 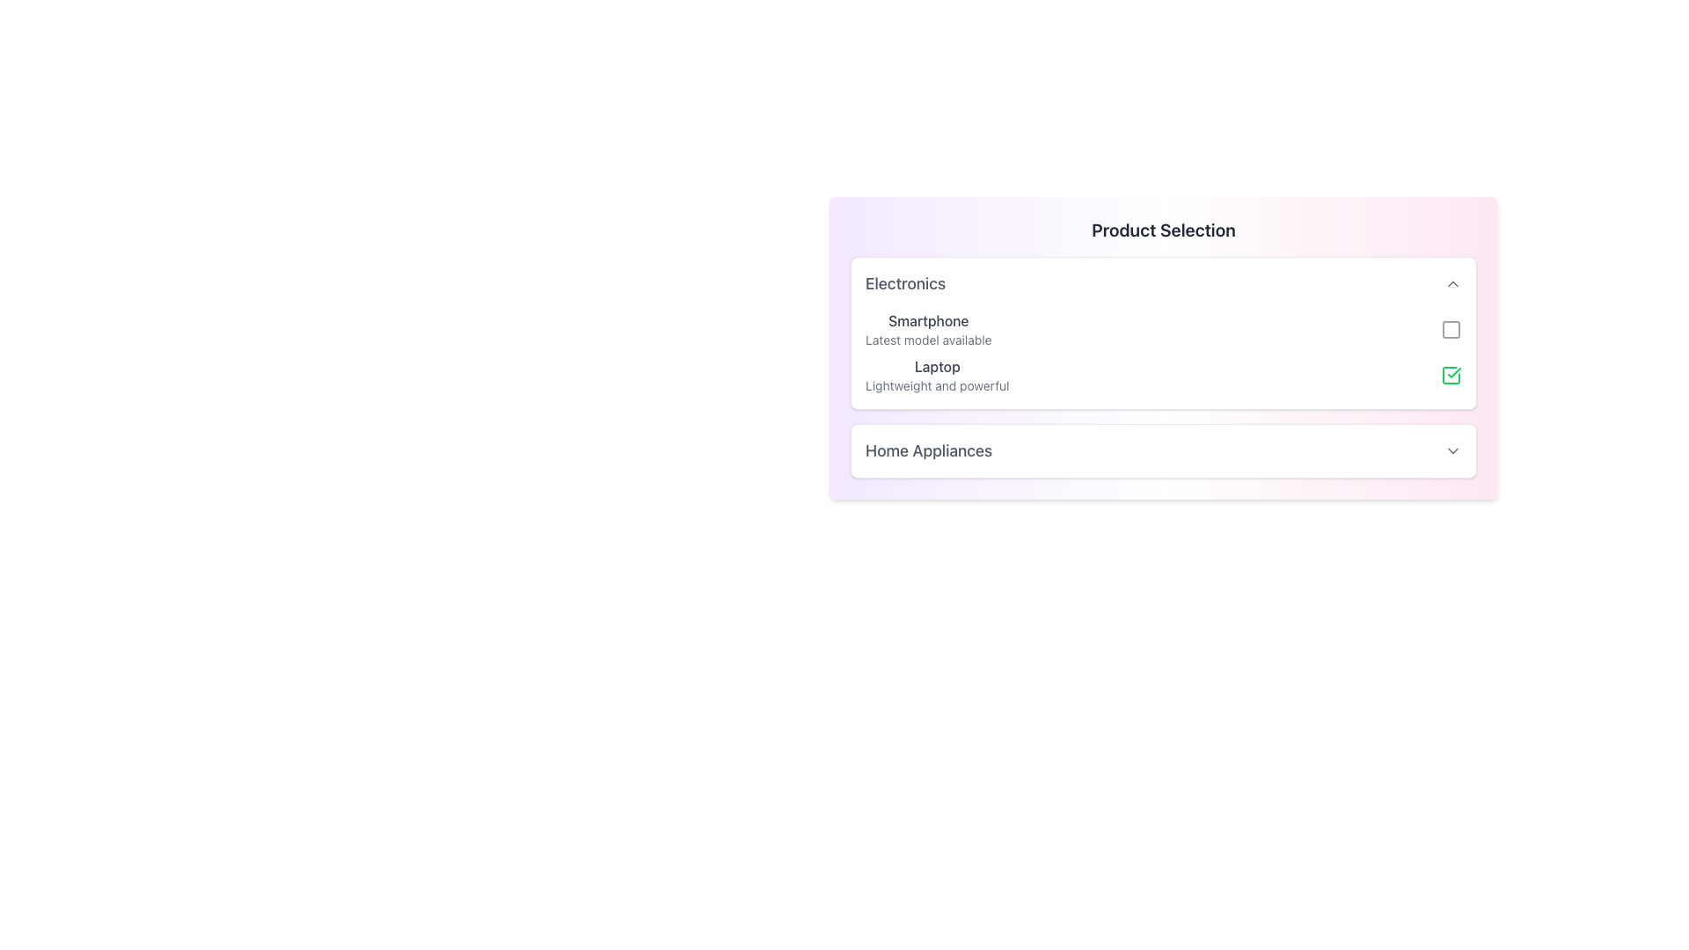 I want to click on the text display element labeled 'Smartphone' in the 'Electronics' section of the 'Product Selection' interface, so click(x=927, y=329).